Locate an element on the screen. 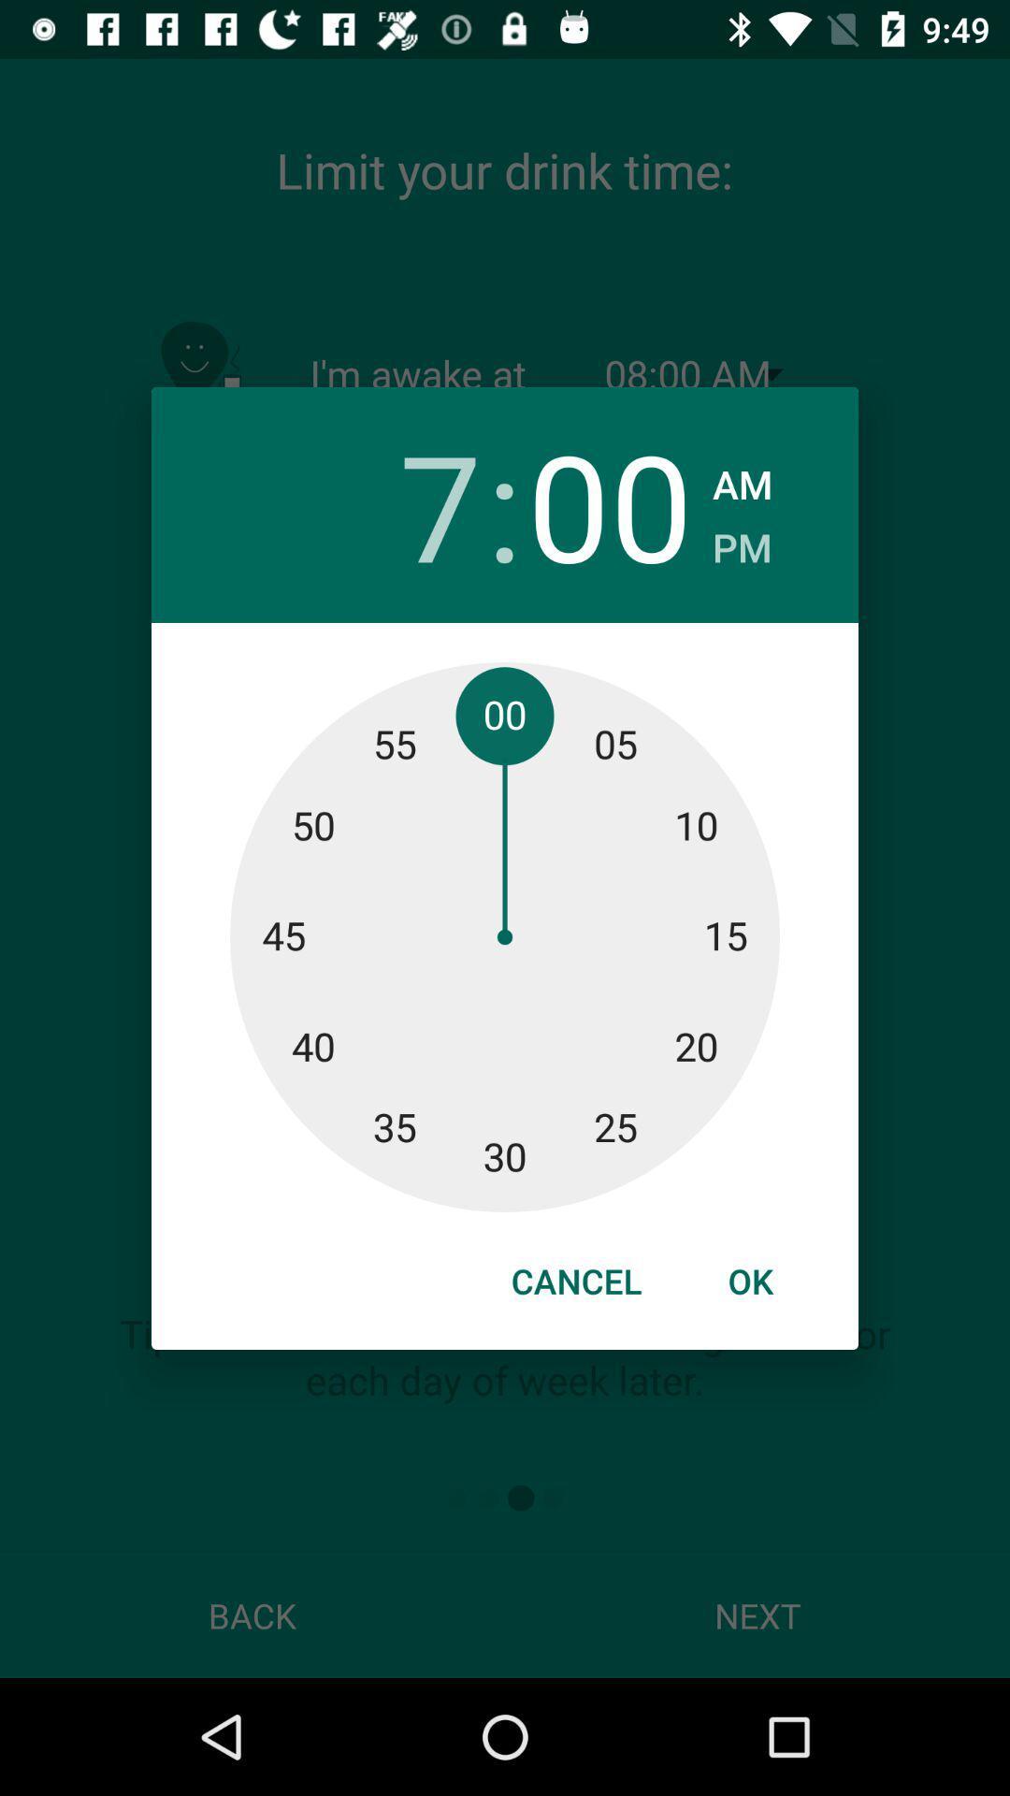  the am is located at coordinates (742, 479).